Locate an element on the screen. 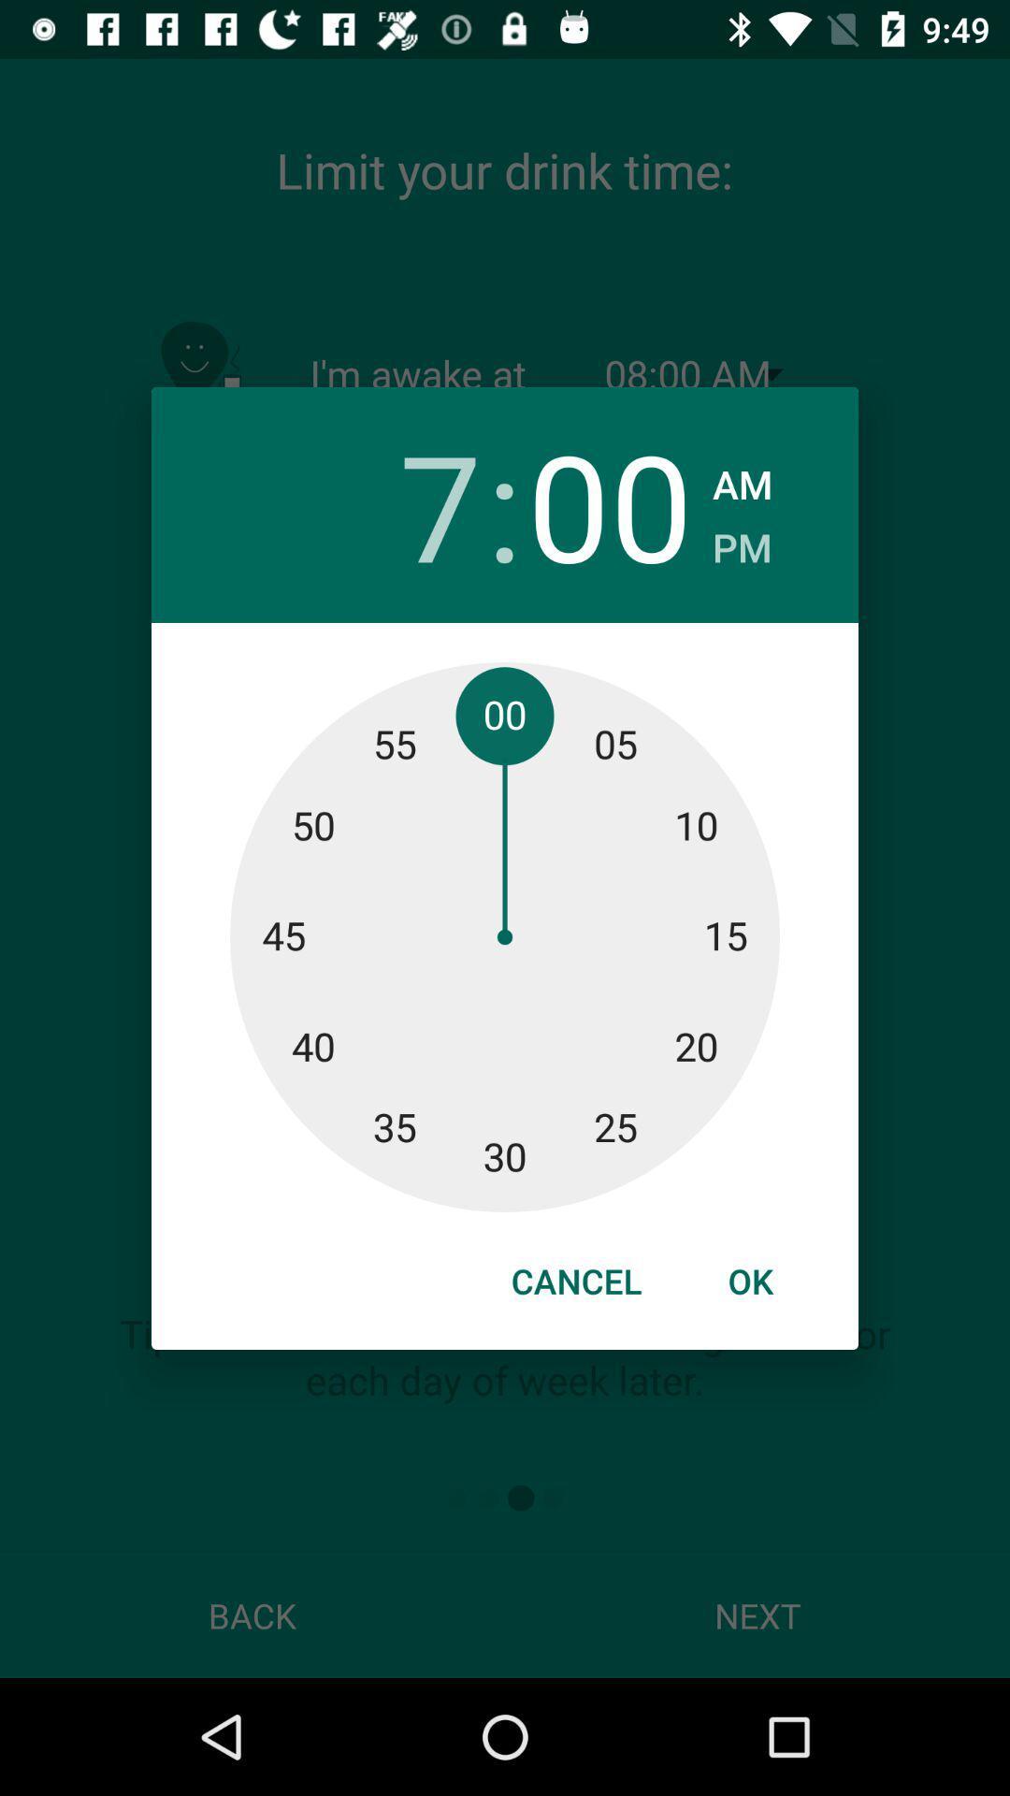  the am is located at coordinates (742, 479).